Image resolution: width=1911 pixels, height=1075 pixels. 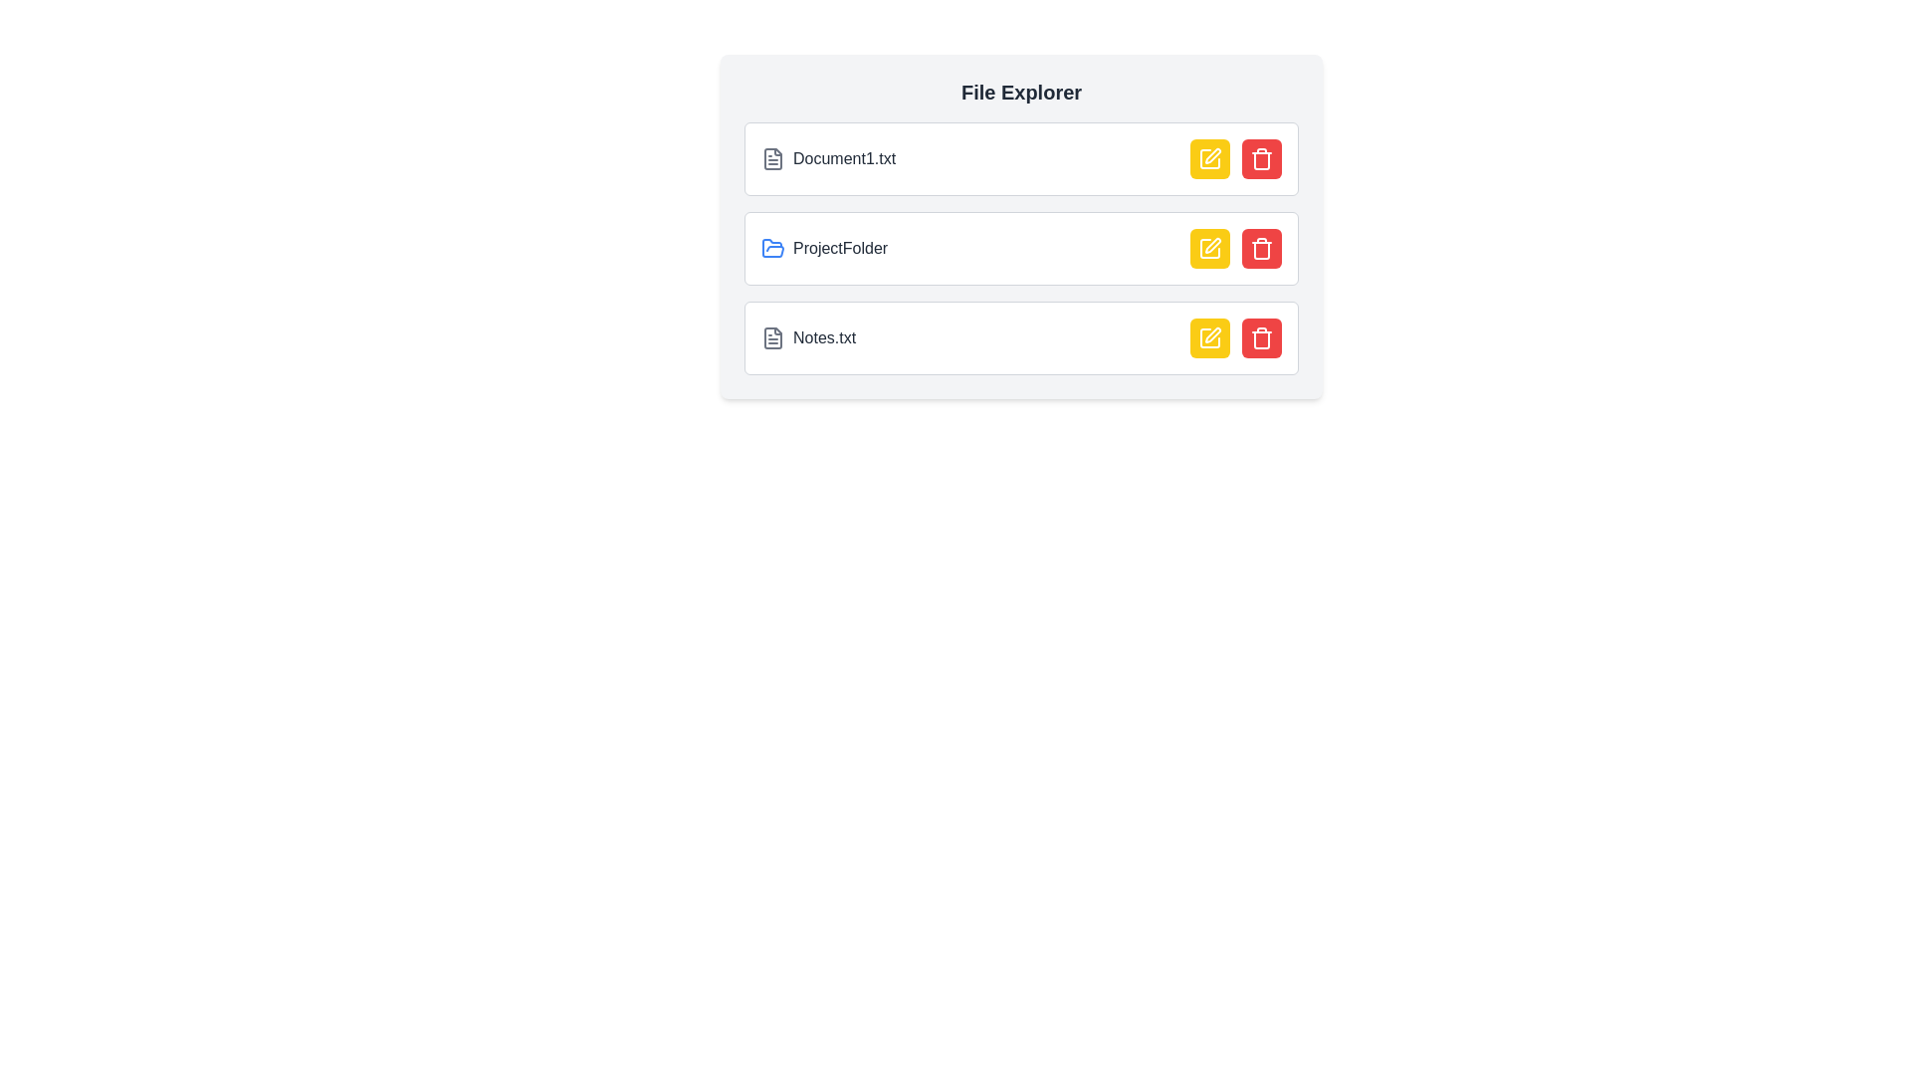 I want to click on indicative symbolism of the file document icon located at the leftmost side of the 'Notes.txt' item in the bottommost position of the vertical list in the 'File Explorer' panel, so click(x=772, y=336).